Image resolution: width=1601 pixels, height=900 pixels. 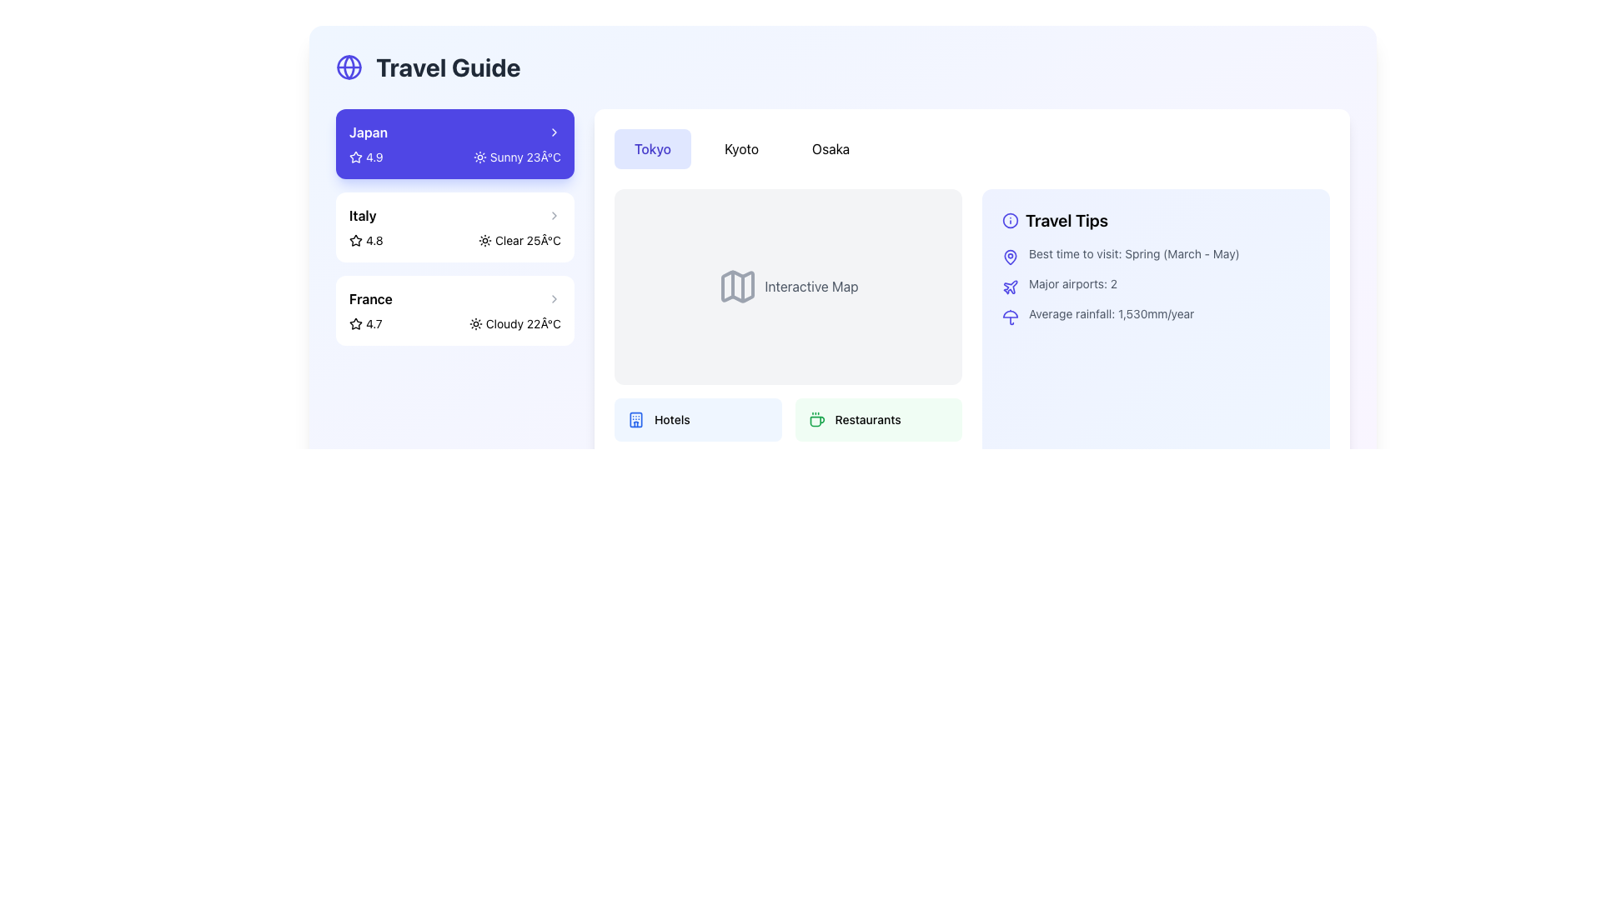 I want to click on text and icons displaying the rating ('4.9') and weather information ('Sunny 23°C') for the region 'Japan', located within the card below the title section, so click(x=455, y=157).